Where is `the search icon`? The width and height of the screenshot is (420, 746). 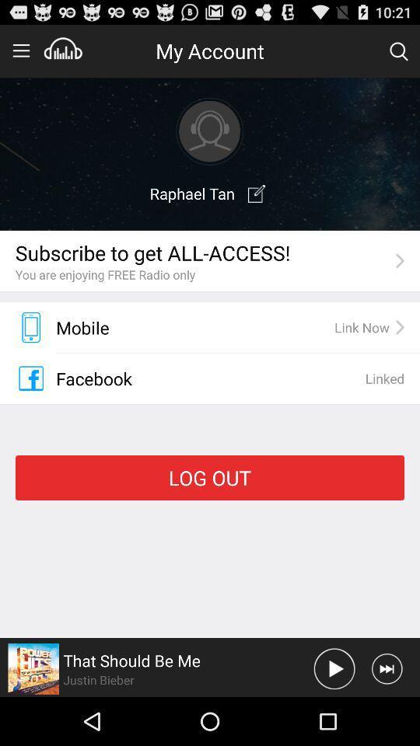 the search icon is located at coordinates (398, 54).